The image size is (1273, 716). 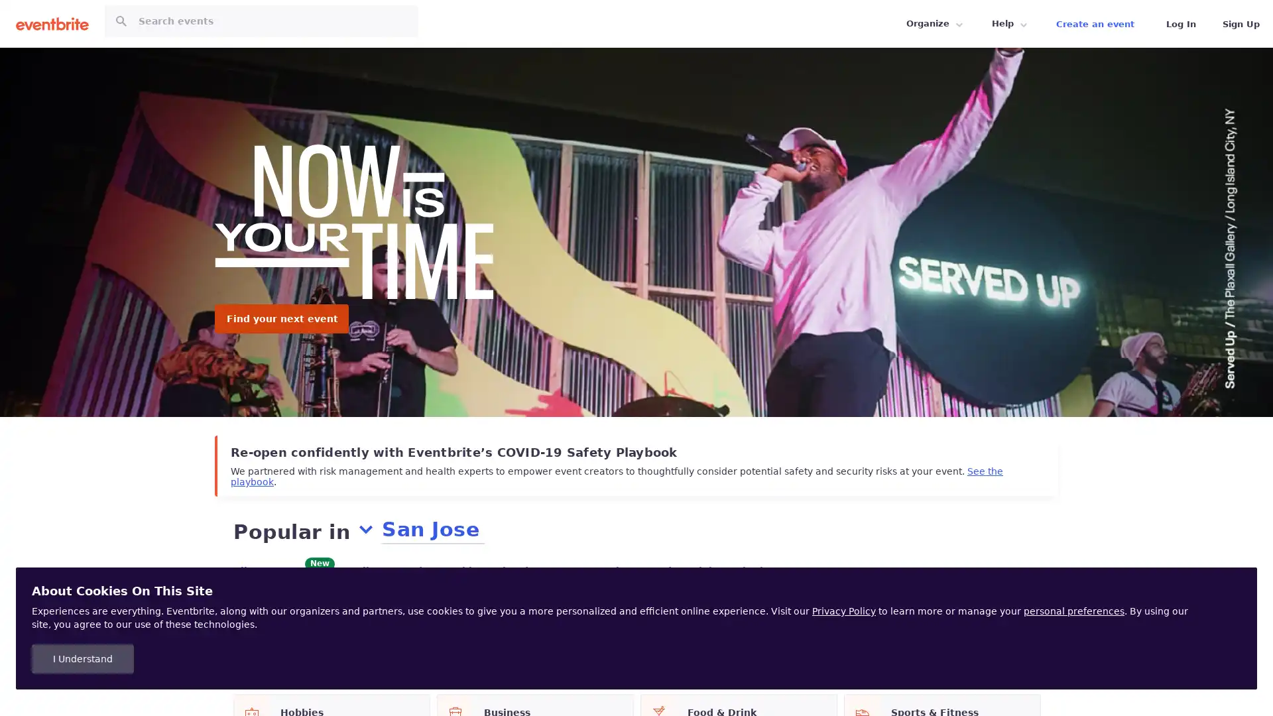 What do you see at coordinates (273, 21) in the screenshot?
I see `Search for events` at bounding box center [273, 21].